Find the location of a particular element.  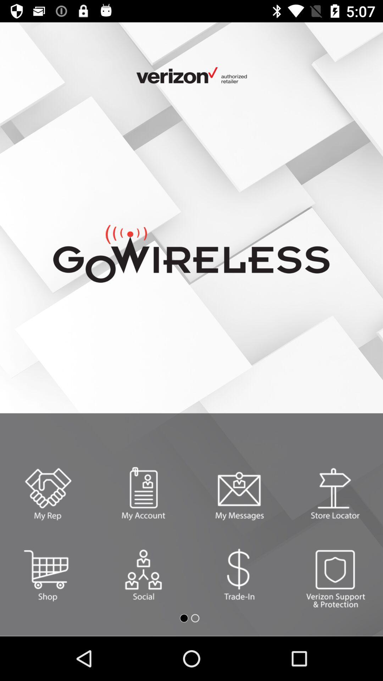

find stores is located at coordinates (335, 493).